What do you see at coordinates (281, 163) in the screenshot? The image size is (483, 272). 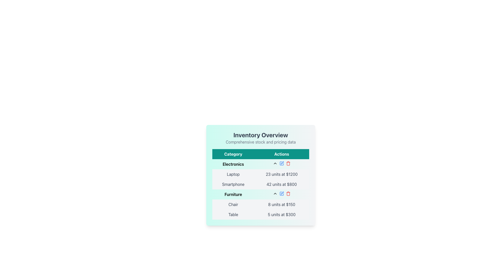 I see `the edit button located in the 'Actions' column of the 'Electronics' category row to initiate an edit action` at bounding box center [281, 163].